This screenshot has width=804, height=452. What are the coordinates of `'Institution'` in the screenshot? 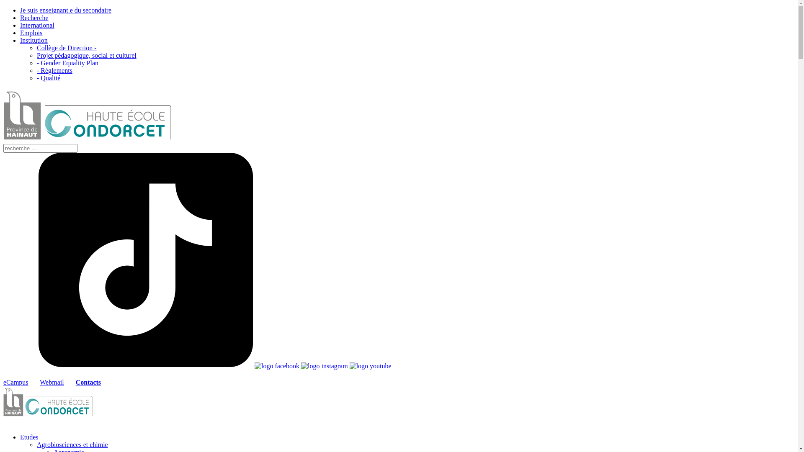 It's located at (33, 40).